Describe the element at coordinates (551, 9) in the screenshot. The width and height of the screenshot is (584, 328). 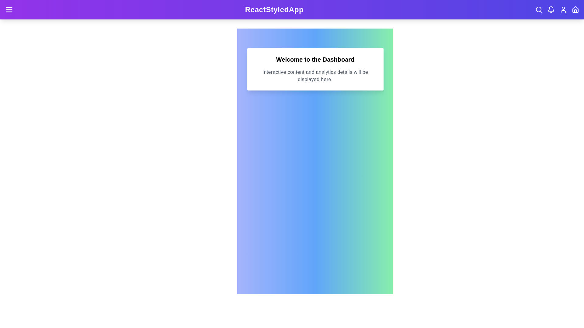
I see `the Bell navigation icon to navigate` at that location.